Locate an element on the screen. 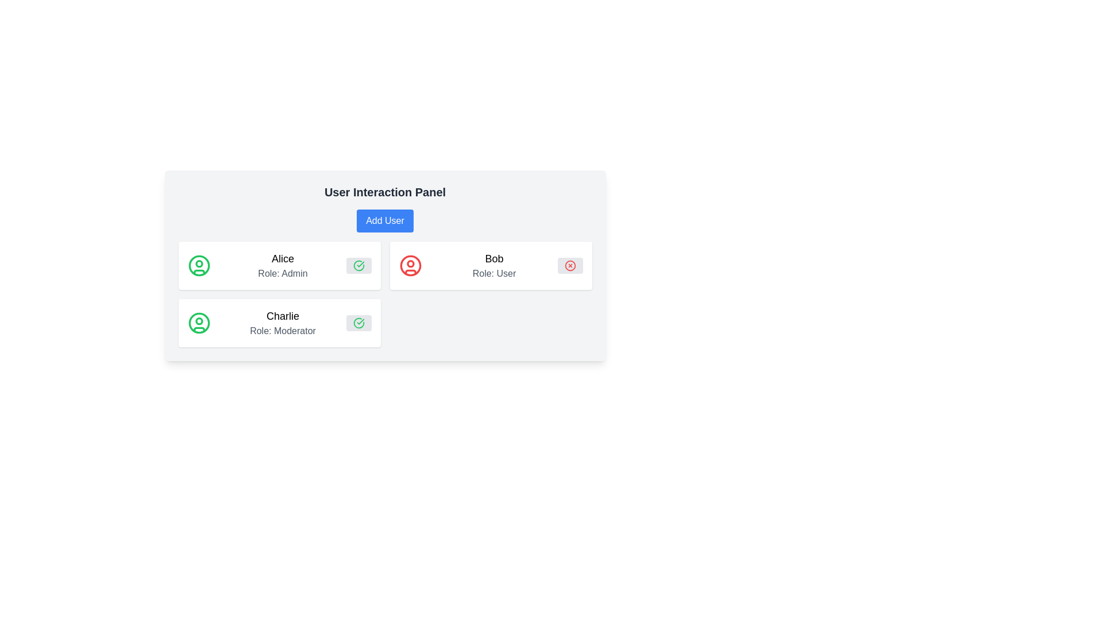 Image resolution: width=1103 pixels, height=620 pixels. displayed text from the Card component featuring the name 'Bob' and role 'Role: User', which is the second item in a vertical list of cards is located at coordinates (491, 265).